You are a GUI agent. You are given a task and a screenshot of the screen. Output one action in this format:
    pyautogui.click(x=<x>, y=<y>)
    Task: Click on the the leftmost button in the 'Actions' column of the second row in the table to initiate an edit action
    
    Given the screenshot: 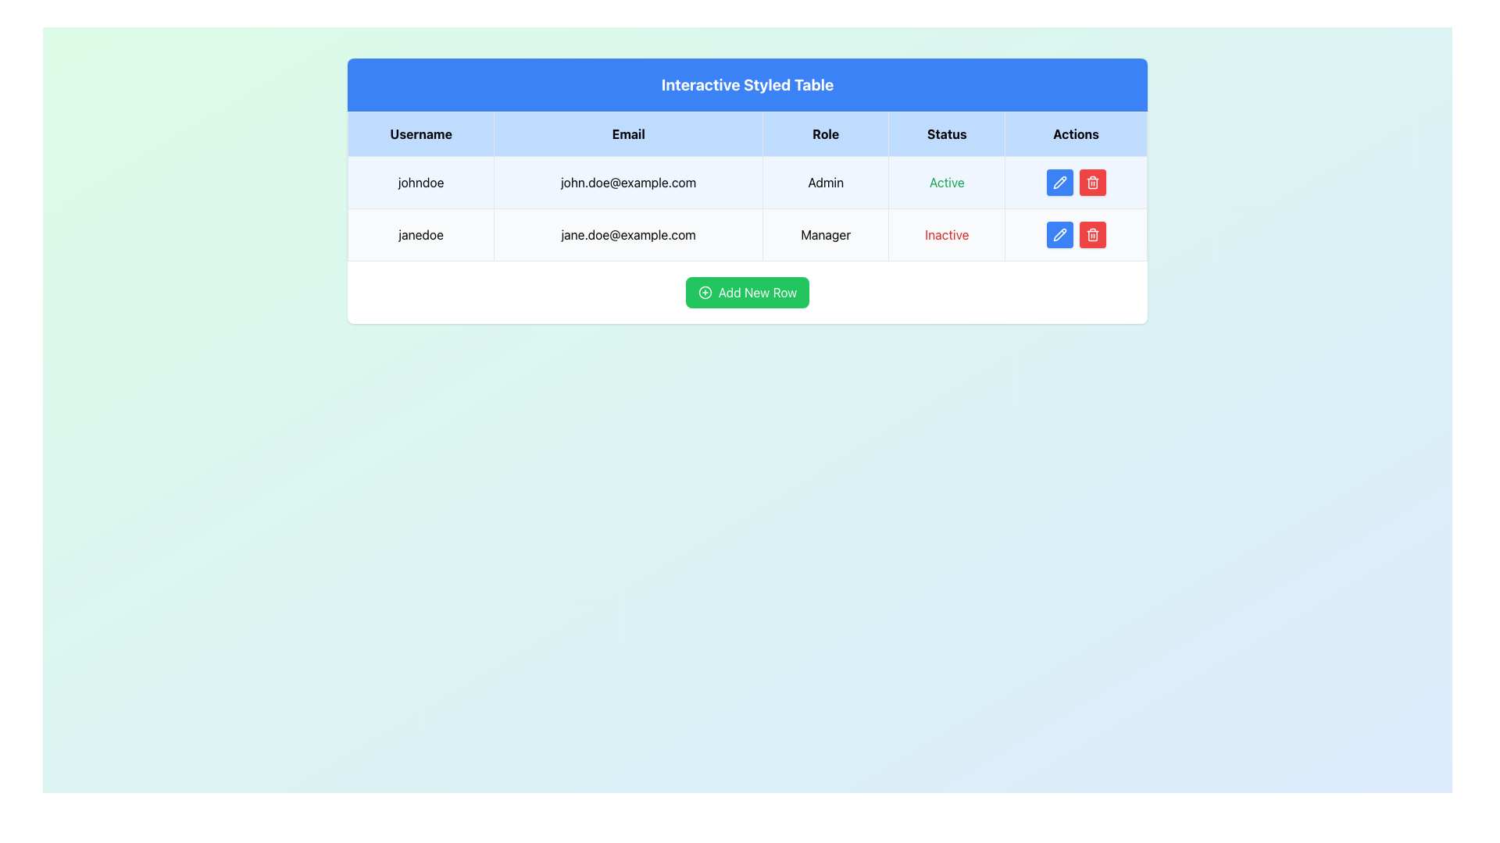 What is the action you would take?
    pyautogui.click(x=1059, y=234)
    